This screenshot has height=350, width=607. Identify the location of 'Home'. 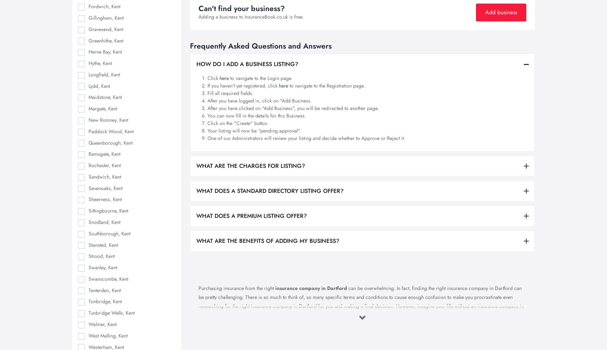
(235, 222).